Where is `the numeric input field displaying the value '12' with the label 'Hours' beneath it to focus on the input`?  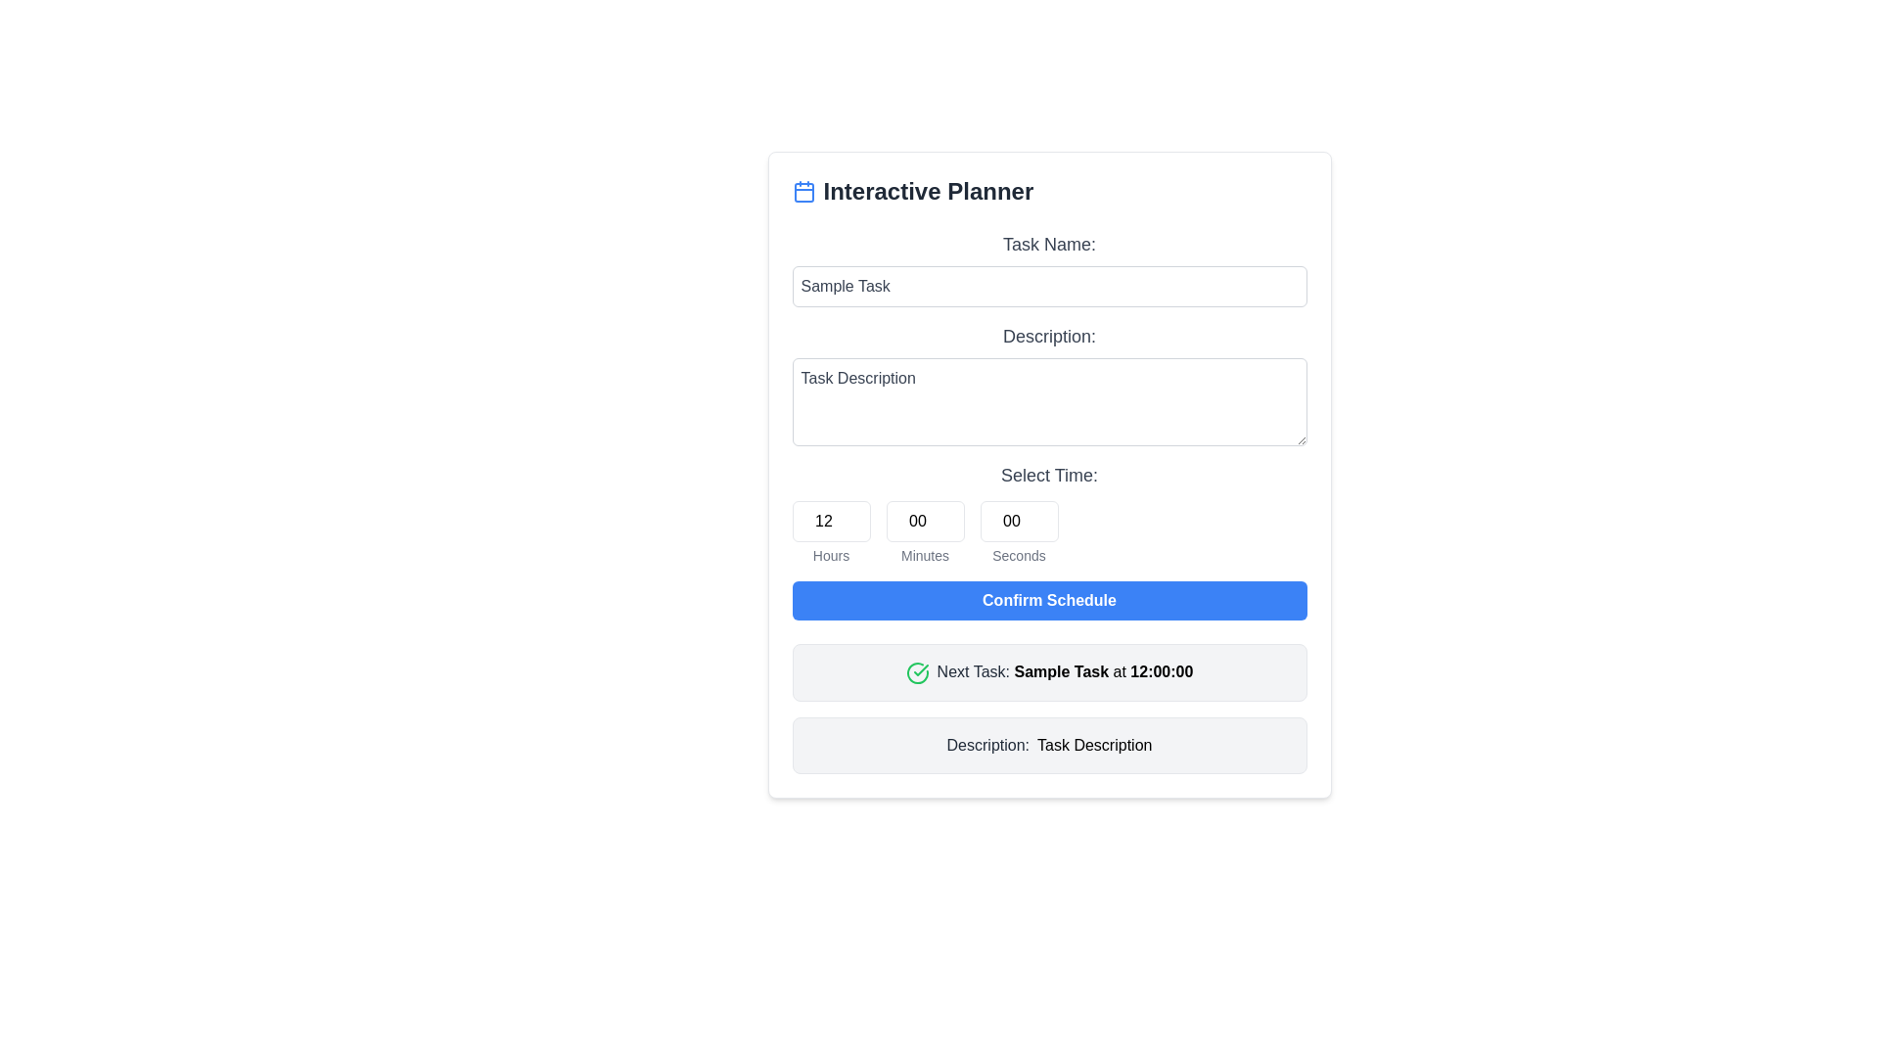
the numeric input field displaying the value '12' with the label 'Hours' beneath it to focus on the input is located at coordinates (831, 532).